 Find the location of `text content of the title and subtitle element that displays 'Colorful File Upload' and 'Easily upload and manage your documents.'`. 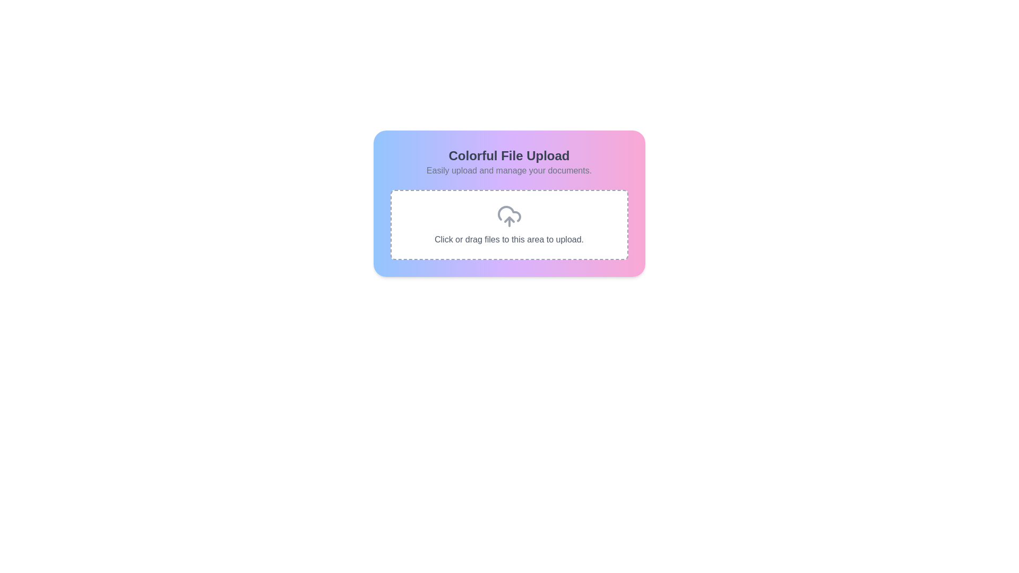

text content of the title and subtitle element that displays 'Colorful File Upload' and 'Easily upload and manage your documents.' is located at coordinates (508, 162).